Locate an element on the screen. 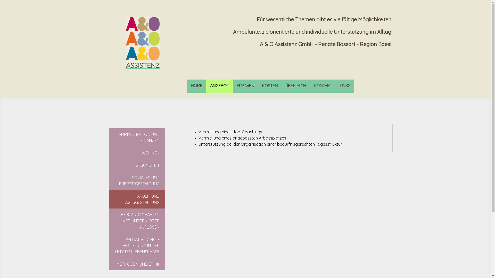 Image resolution: width=495 pixels, height=278 pixels. 'SOZIALES UND FREIZEITGESTALTUNG' is located at coordinates (137, 180).